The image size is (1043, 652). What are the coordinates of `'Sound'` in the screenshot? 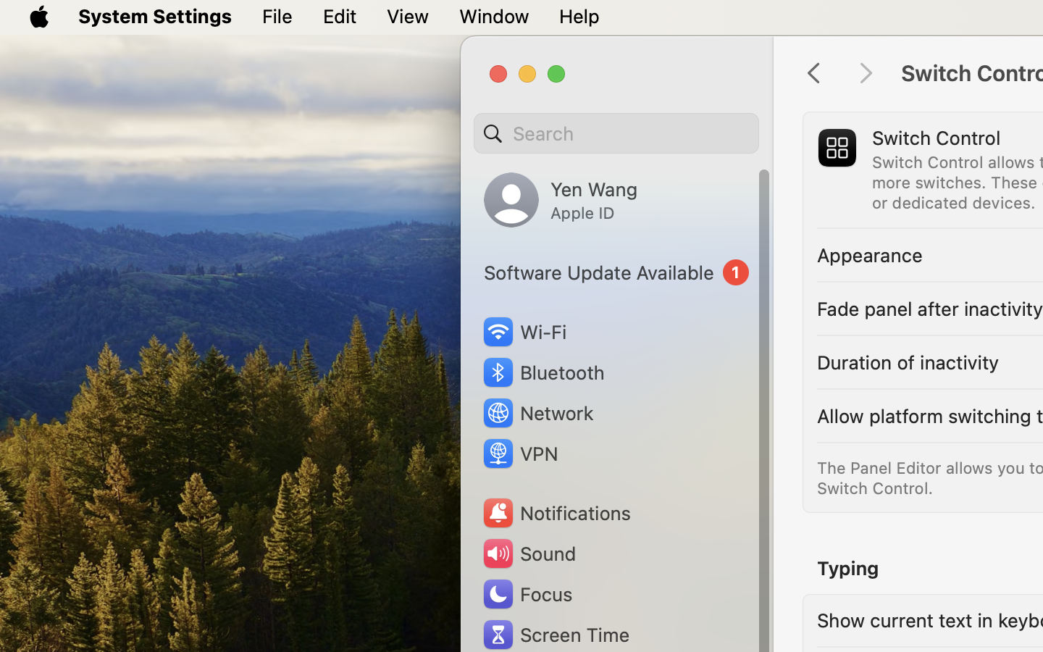 It's located at (527, 553).